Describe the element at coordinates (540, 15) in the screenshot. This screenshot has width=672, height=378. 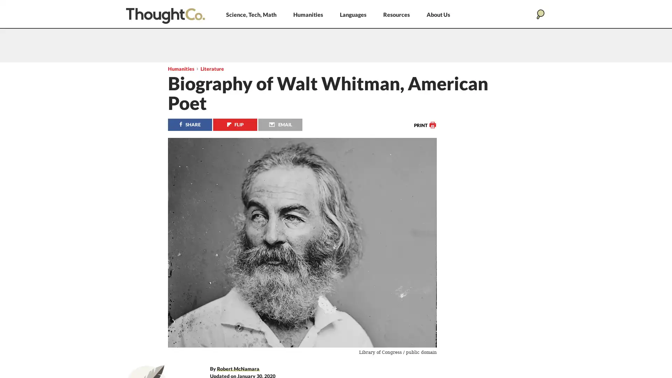
I see `Search` at that location.